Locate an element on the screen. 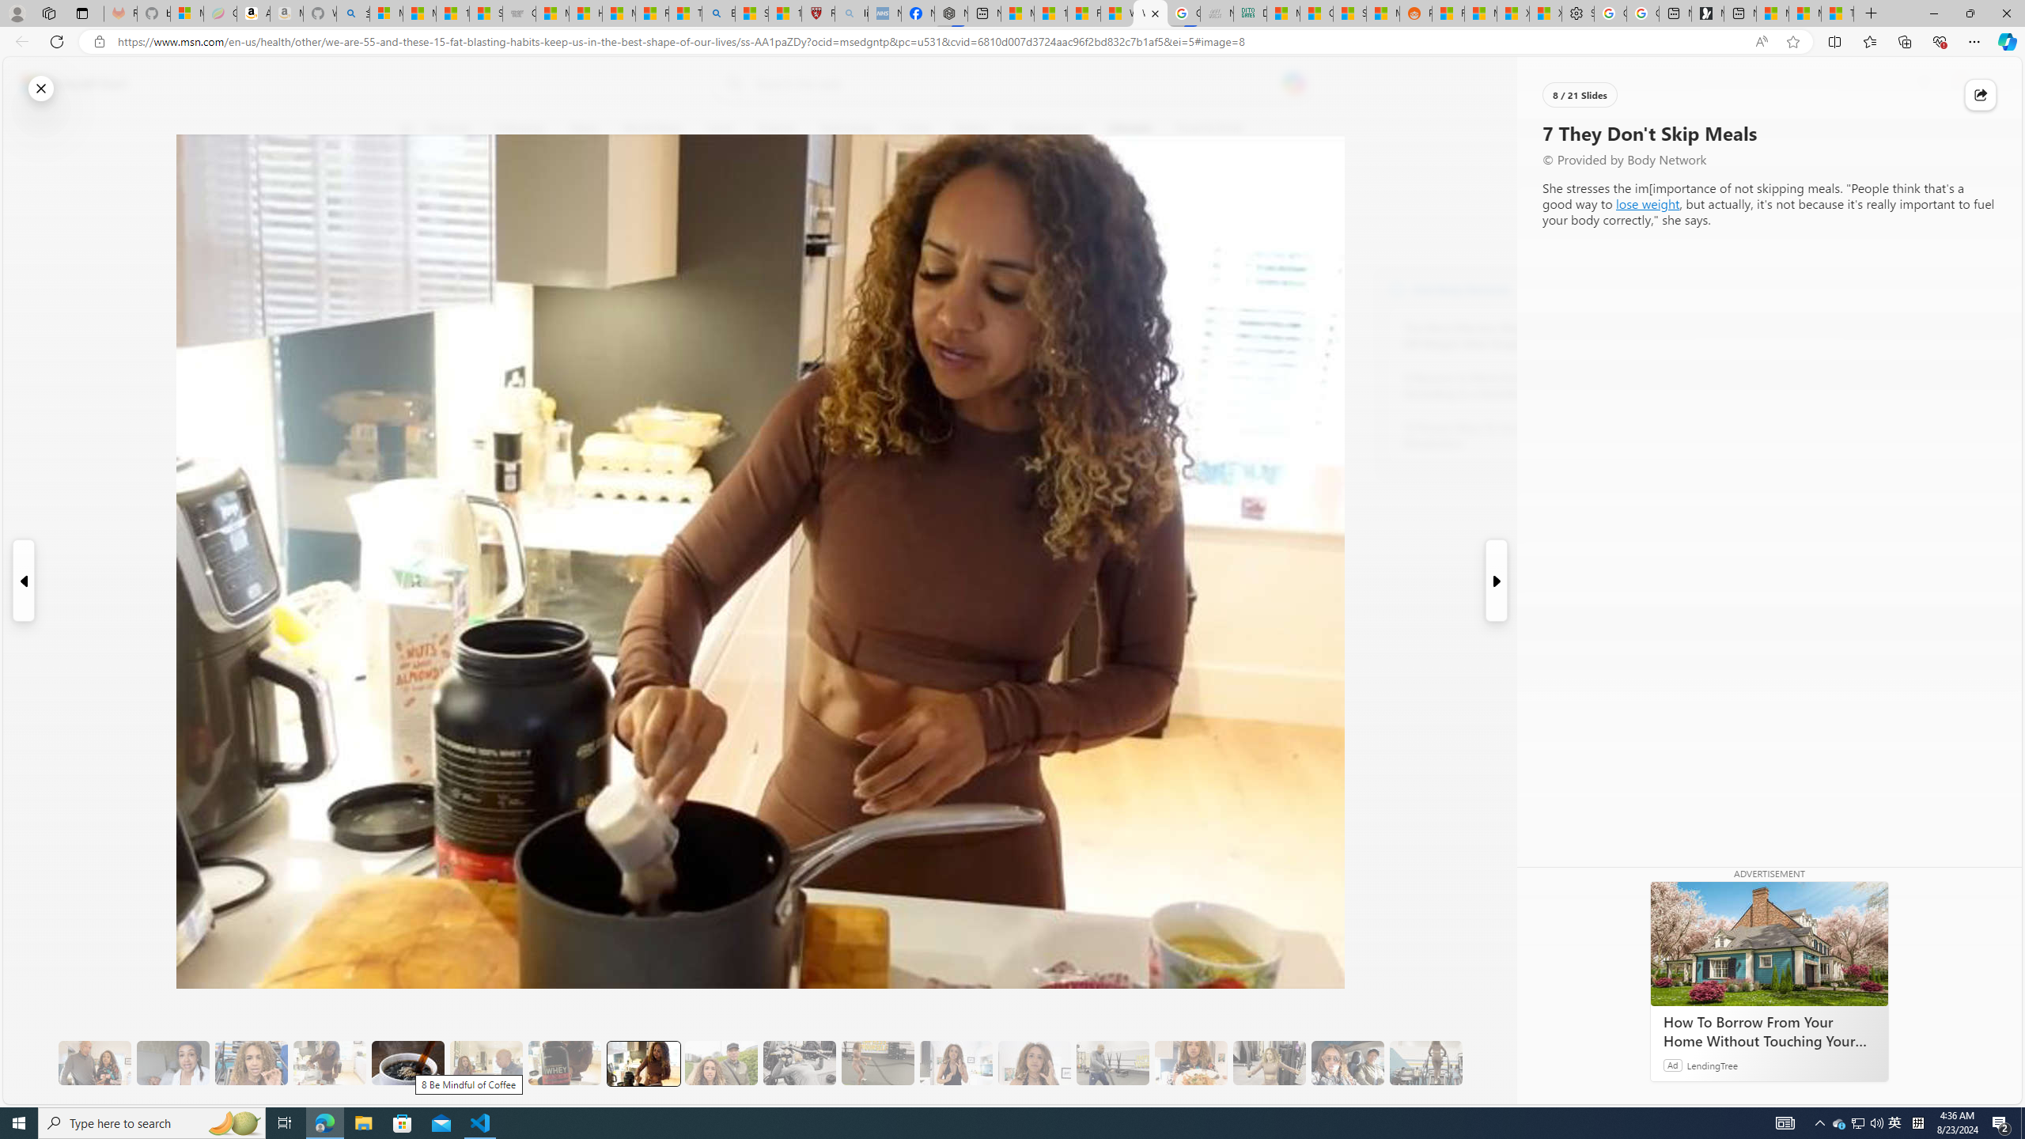  'Back' is located at coordinates (19, 40).